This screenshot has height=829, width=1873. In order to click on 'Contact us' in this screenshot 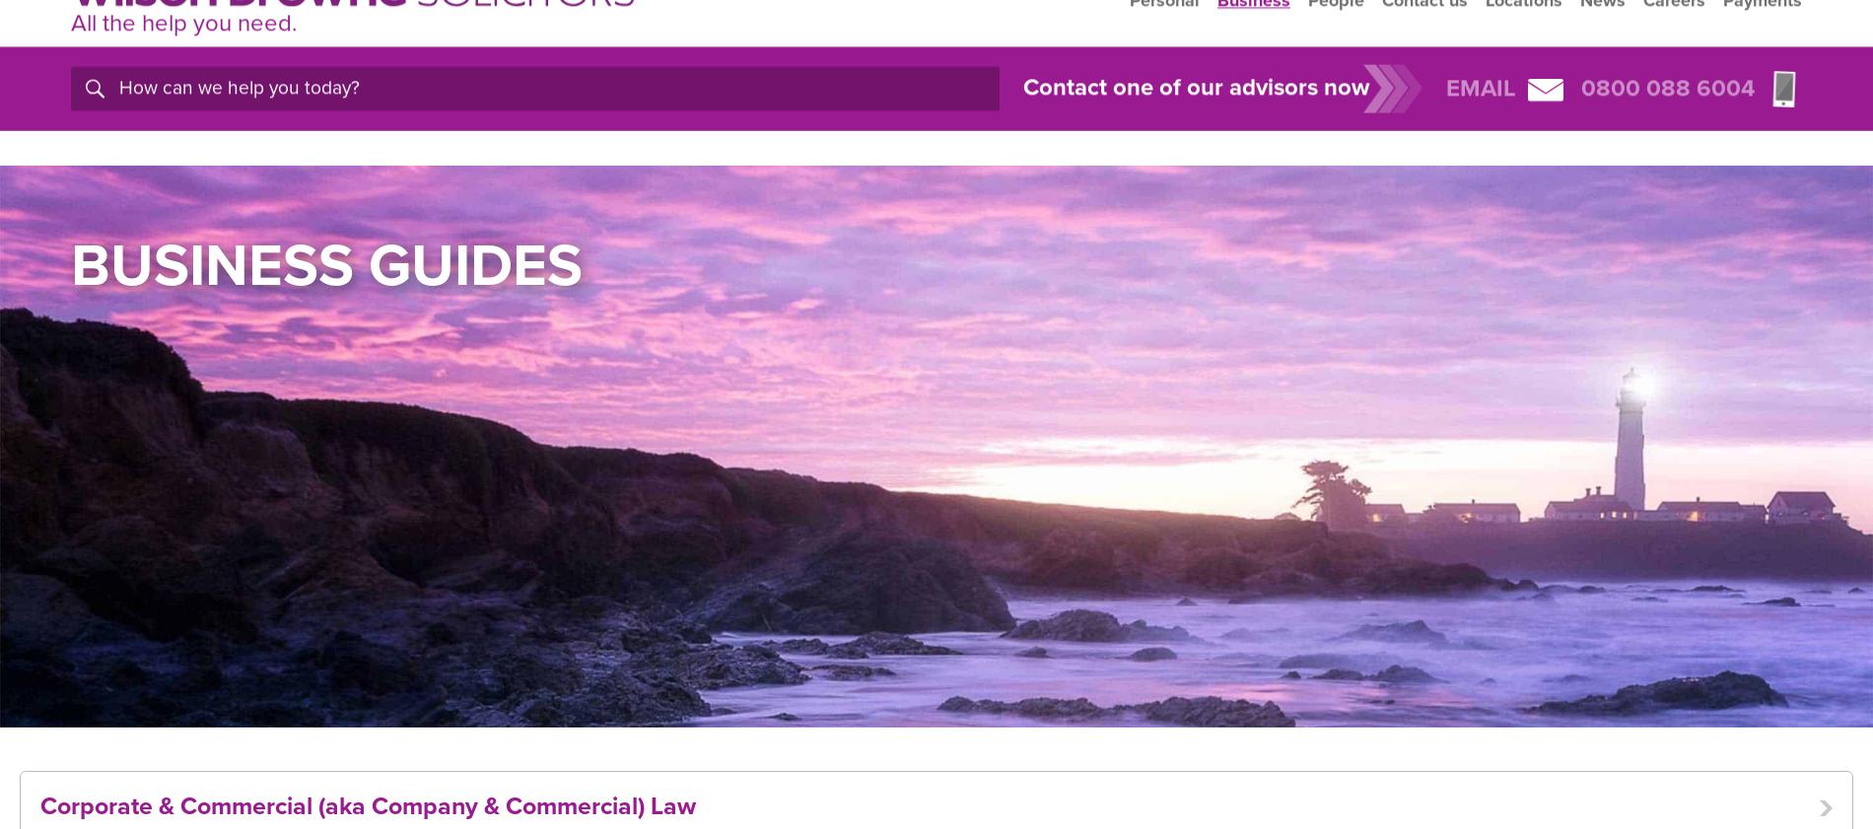, I will do `click(1424, 44)`.